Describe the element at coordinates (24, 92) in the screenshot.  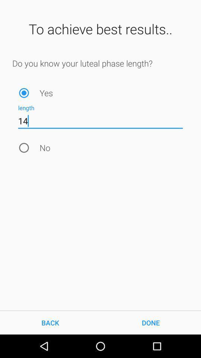
I see `the item above the 14` at that location.